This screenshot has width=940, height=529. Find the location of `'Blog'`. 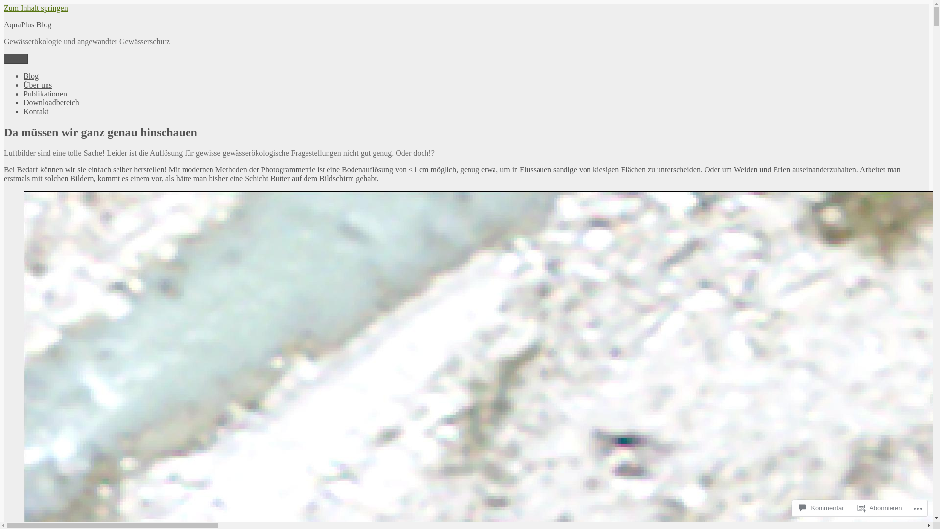

'Blog' is located at coordinates (31, 75).